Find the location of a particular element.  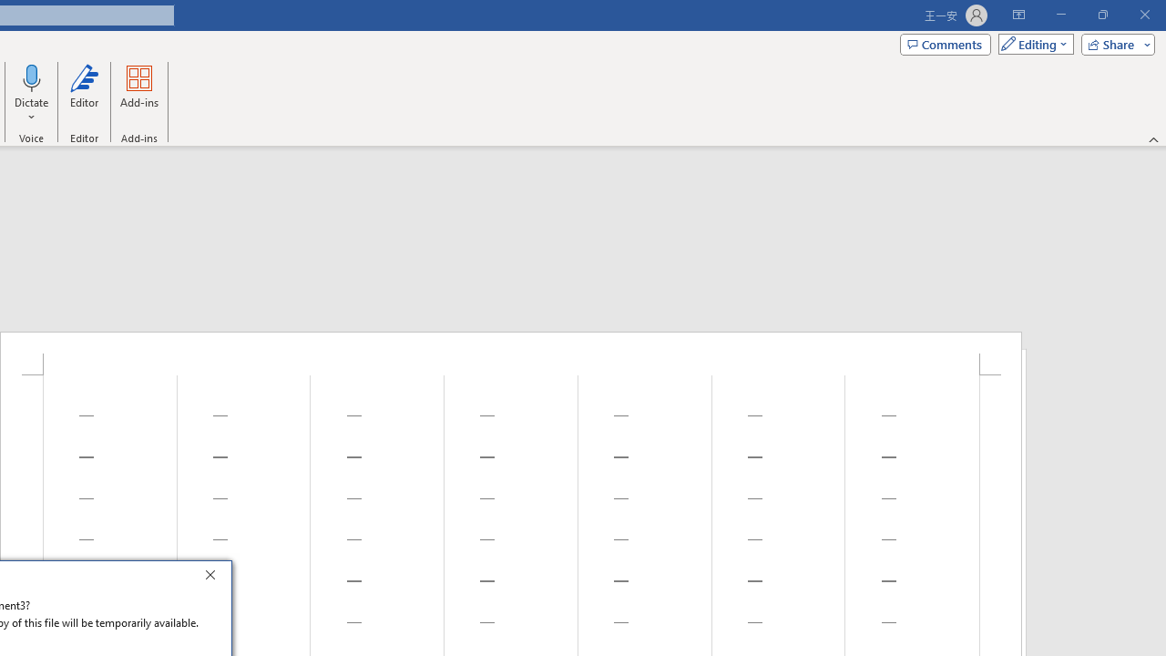

'Share' is located at coordinates (1113, 43).